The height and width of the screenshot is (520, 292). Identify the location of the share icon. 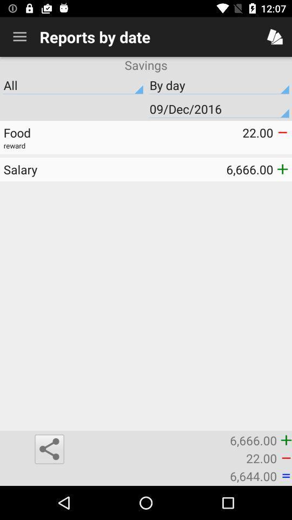
(49, 449).